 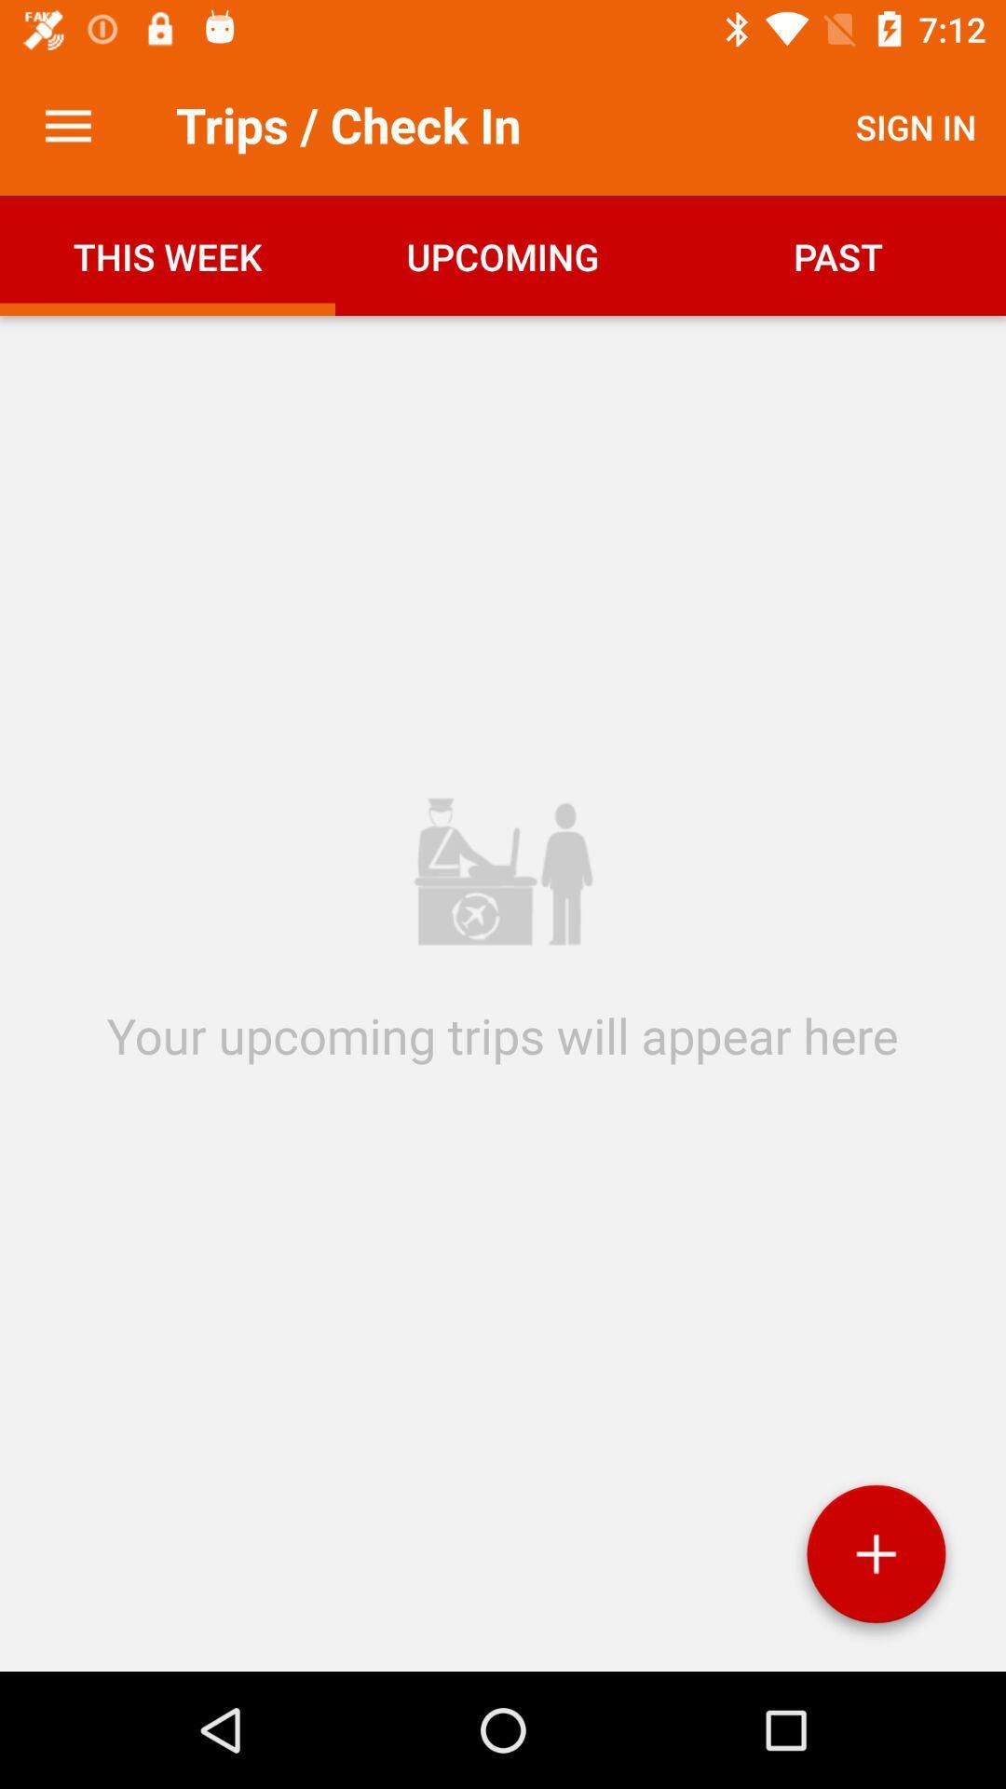 I want to click on the sign in icon, so click(x=915, y=126).